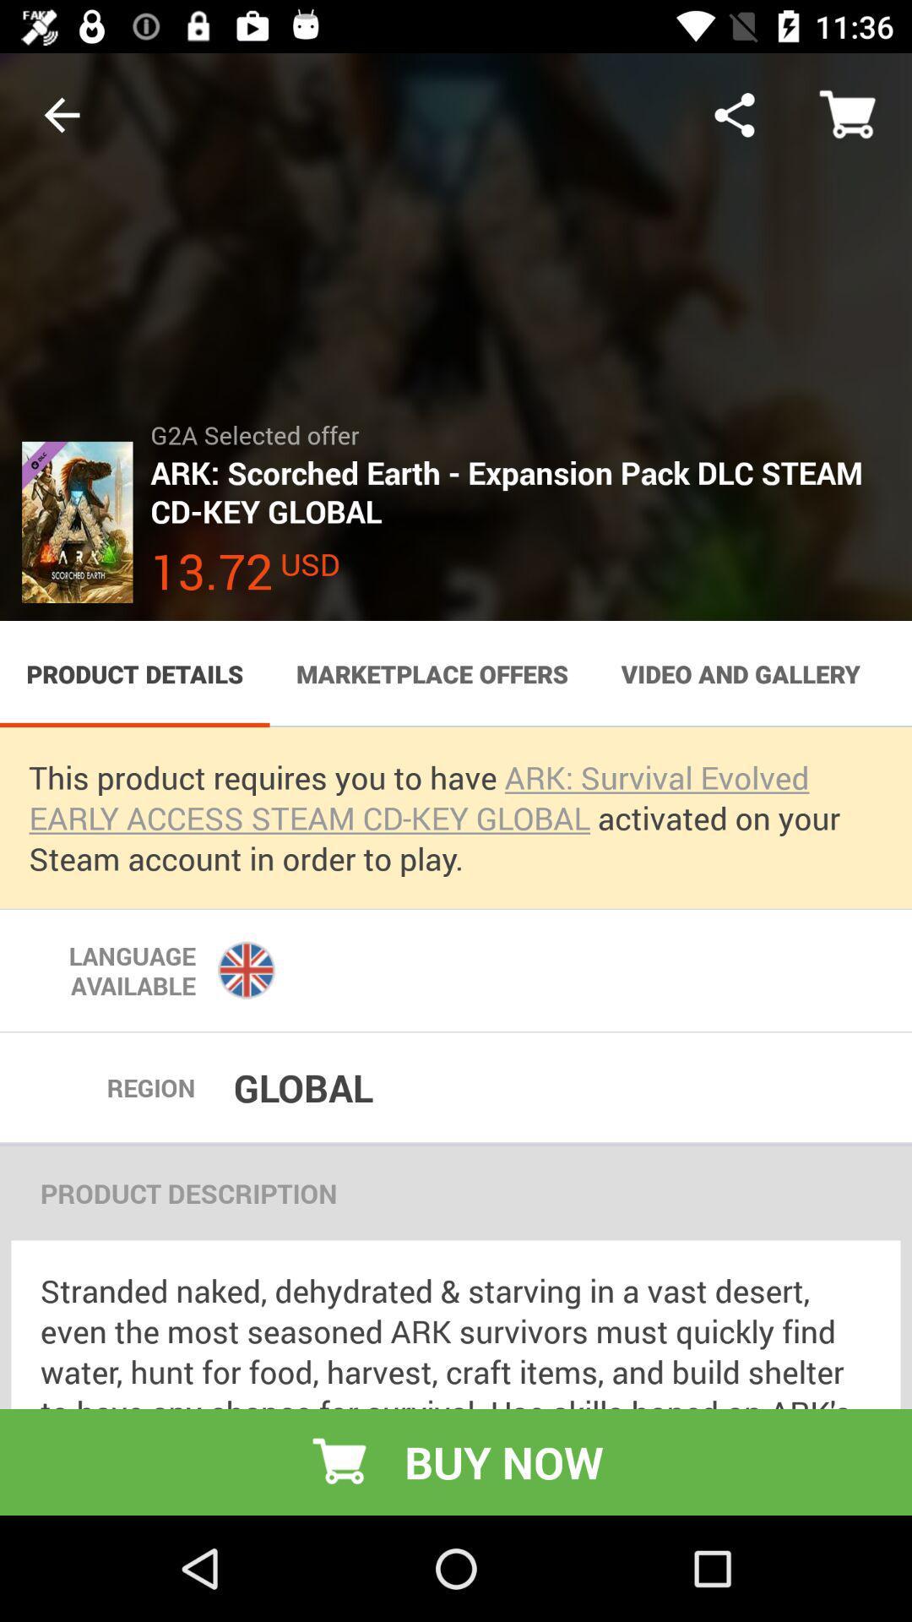 This screenshot has height=1622, width=912. Describe the element at coordinates (456, 818) in the screenshot. I see `the this product requires icon` at that location.